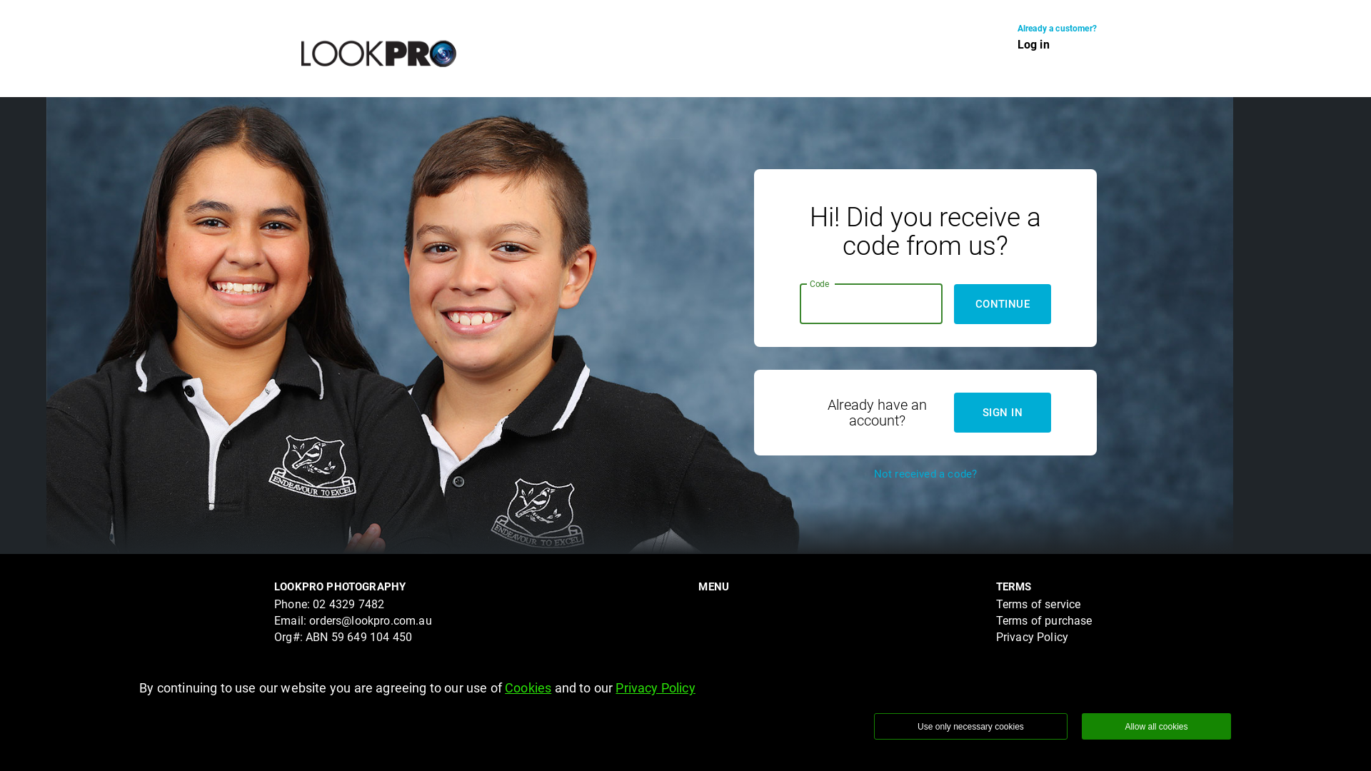 This screenshot has height=771, width=1371. Describe the element at coordinates (1001, 413) in the screenshot. I see `'SIGN IN'` at that location.